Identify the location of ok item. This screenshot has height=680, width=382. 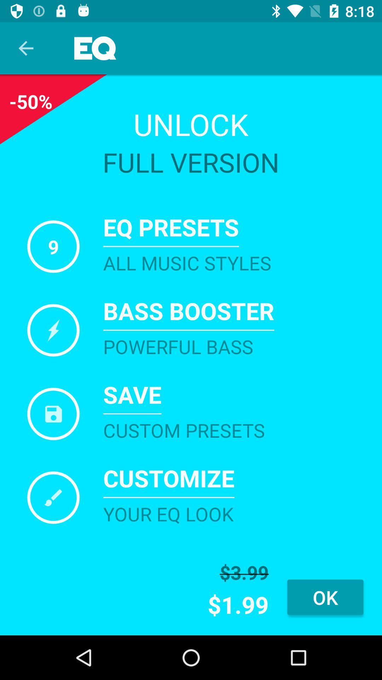
(325, 597).